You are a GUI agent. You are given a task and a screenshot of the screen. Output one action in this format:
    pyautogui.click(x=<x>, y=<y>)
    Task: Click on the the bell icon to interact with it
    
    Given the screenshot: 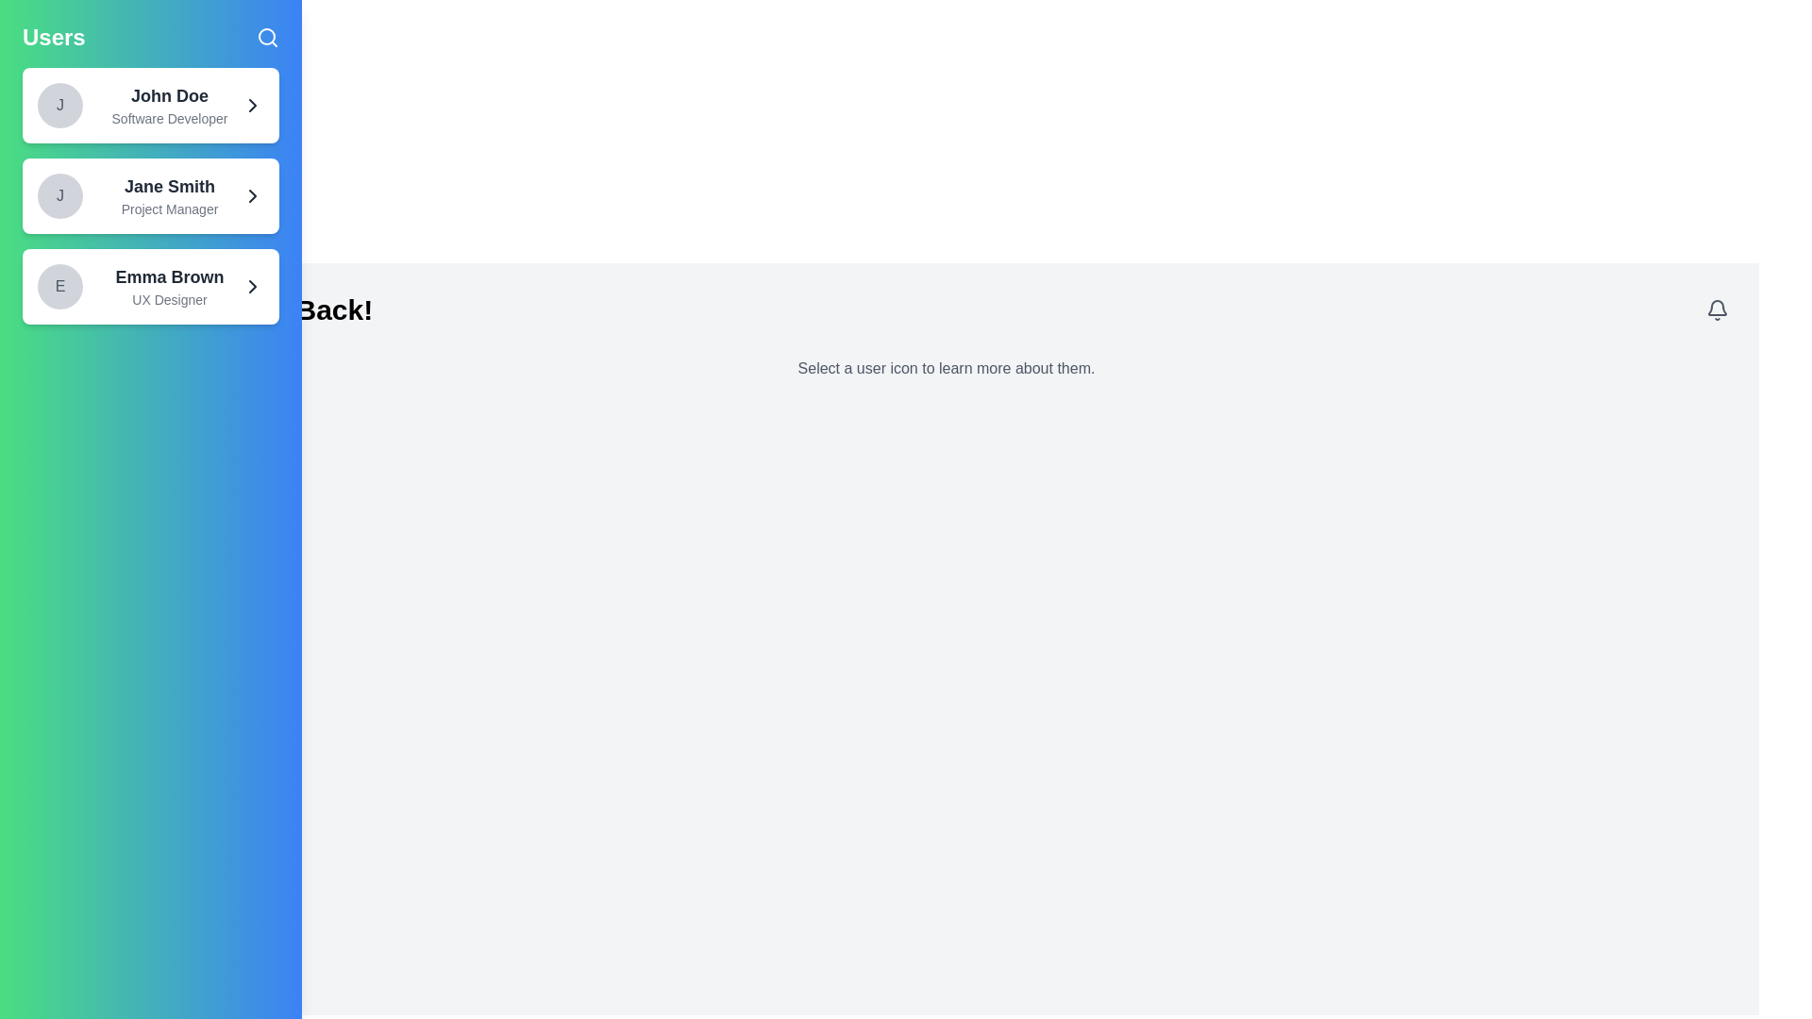 What is the action you would take?
    pyautogui.click(x=1717, y=309)
    